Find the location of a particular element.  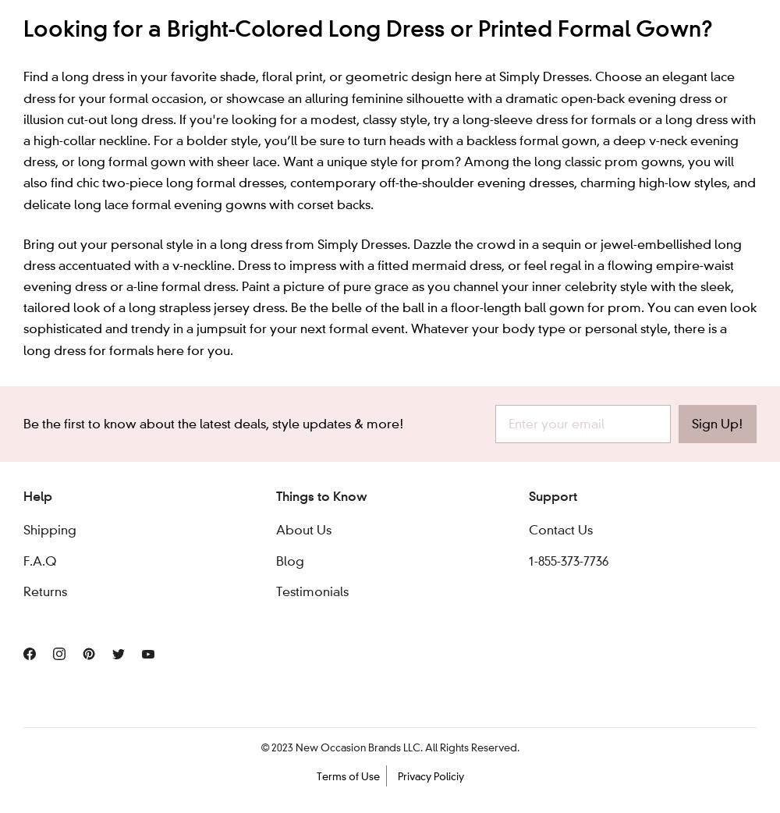

'28' is located at coordinates (377, 19).